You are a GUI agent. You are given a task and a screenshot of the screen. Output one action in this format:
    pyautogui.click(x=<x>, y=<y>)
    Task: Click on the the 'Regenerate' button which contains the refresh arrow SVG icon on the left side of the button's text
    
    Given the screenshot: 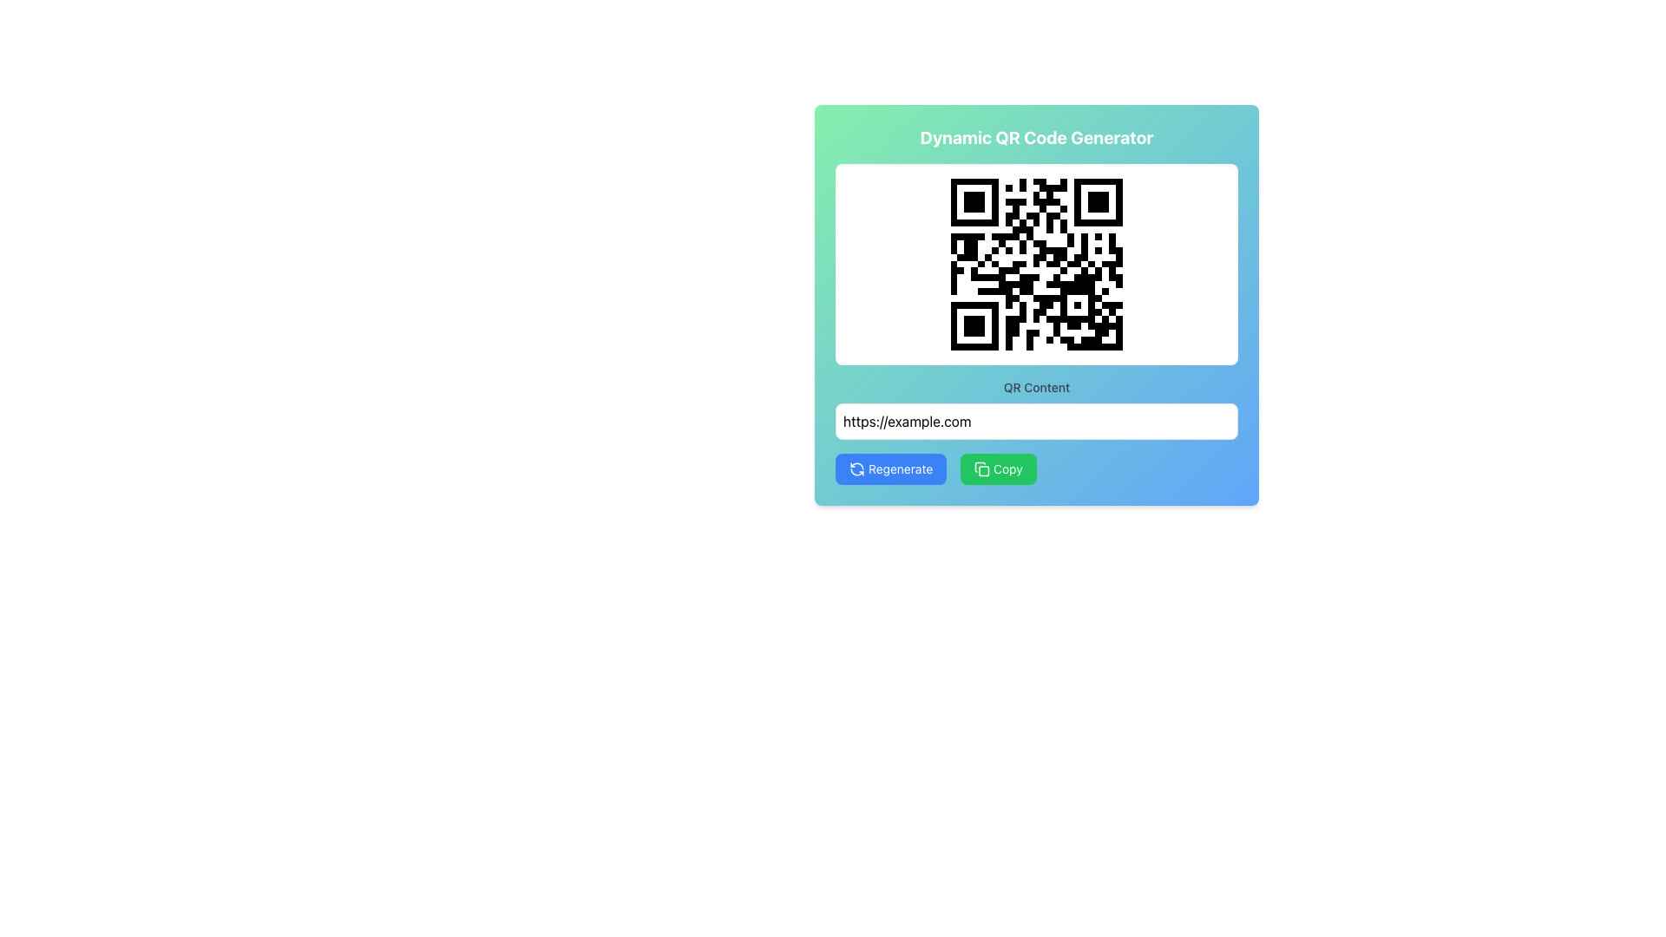 What is the action you would take?
    pyautogui.click(x=857, y=468)
    